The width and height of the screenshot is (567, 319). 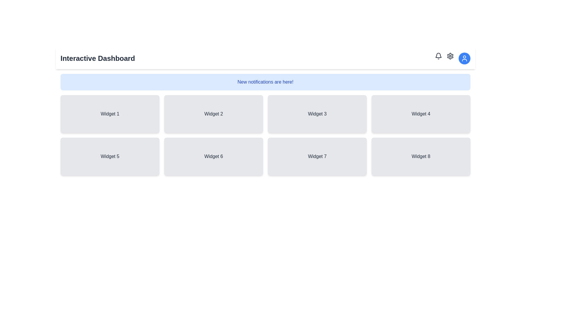 What do you see at coordinates (110, 156) in the screenshot?
I see `the Informational box widget labeled 'Widget 5', which is a rectangular element with a light gray background and rounded corners, located in the second row of the grid layout` at bounding box center [110, 156].